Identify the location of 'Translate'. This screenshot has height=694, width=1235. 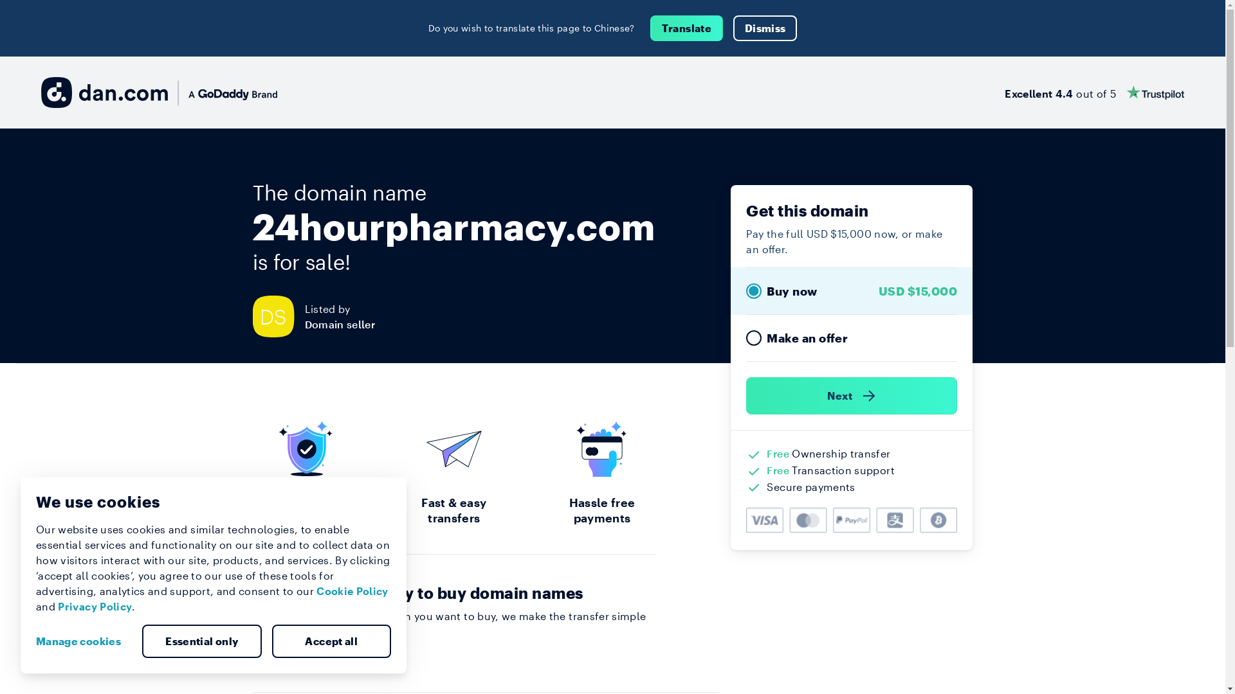
(686, 28).